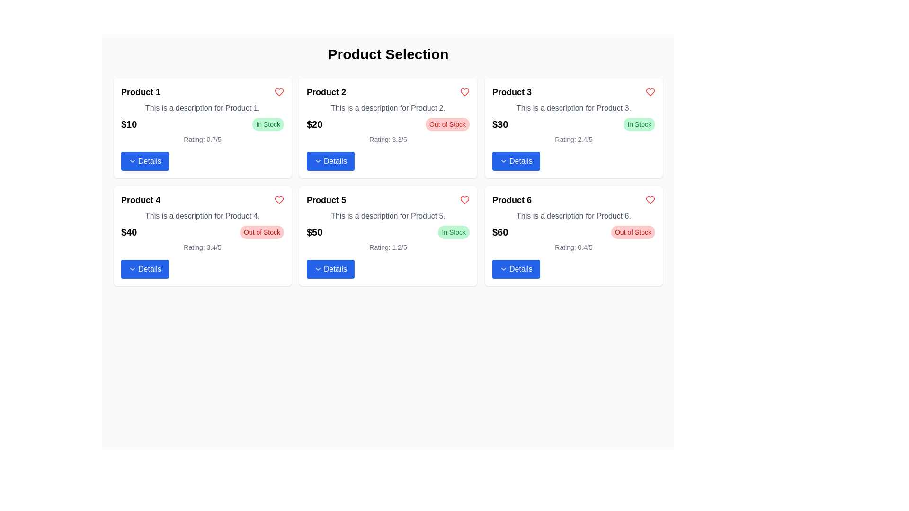  What do you see at coordinates (202, 247) in the screenshot?
I see `information displayed in the text label that shows 'Rating: 3.4/5', located below the price and stock status of 'Product 4' and above the 'Details' button` at bounding box center [202, 247].